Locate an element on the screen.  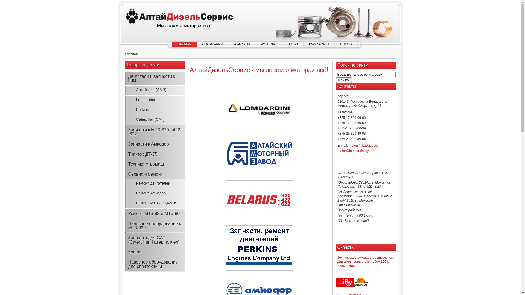
'motor@altaydizel.by' is located at coordinates (363, 145).